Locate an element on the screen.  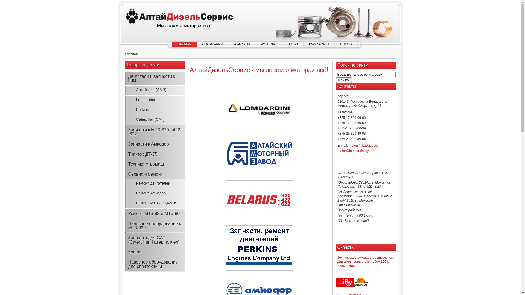
'motor@altaydizel.by' is located at coordinates (363, 145).